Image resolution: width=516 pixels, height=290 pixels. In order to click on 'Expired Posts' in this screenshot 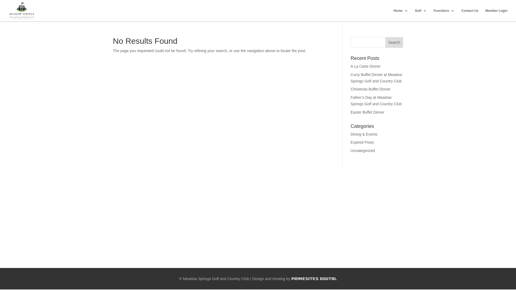, I will do `click(351, 142)`.